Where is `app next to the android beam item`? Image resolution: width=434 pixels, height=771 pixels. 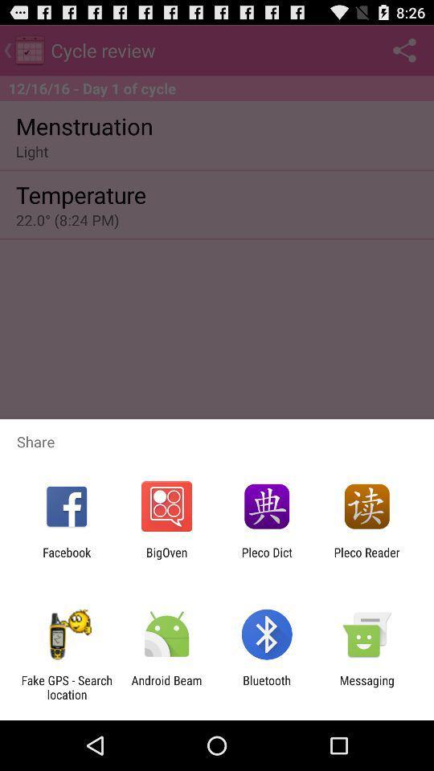 app next to the android beam item is located at coordinates (66, 687).